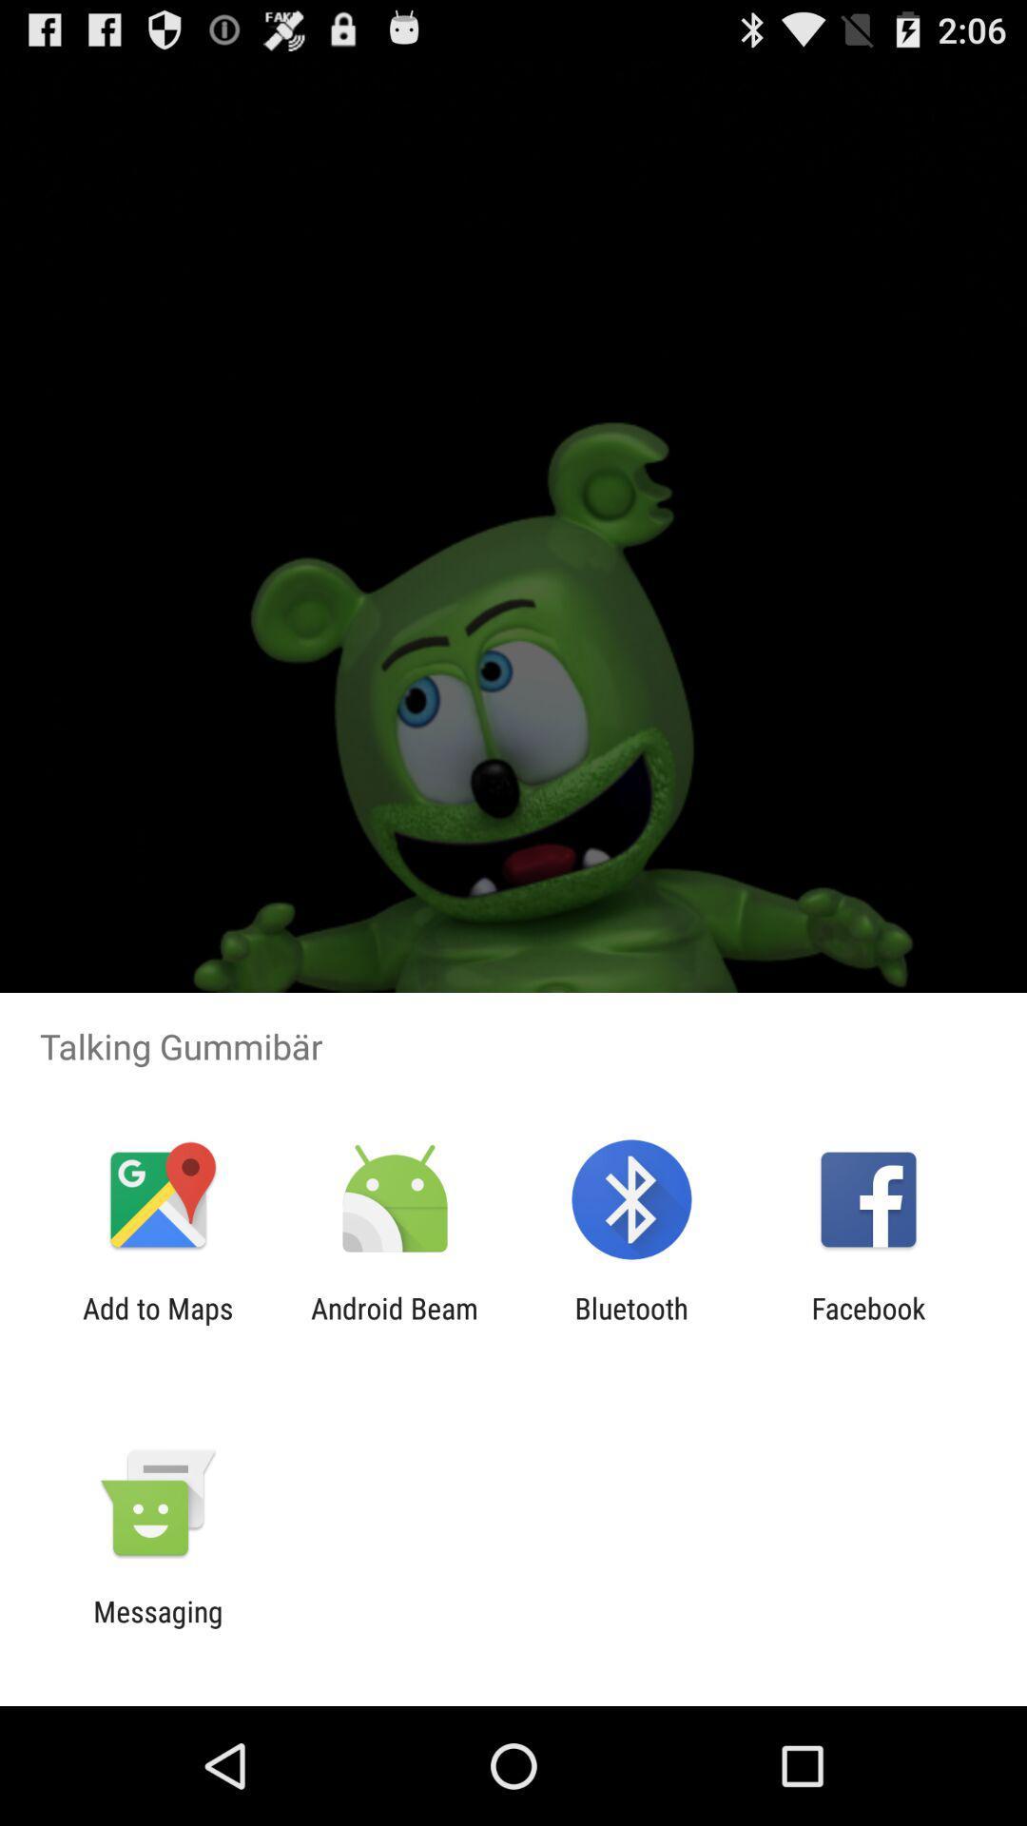  Describe the element at coordinates (157, 1627) in the screenshot. I see `the messaging` at that location.